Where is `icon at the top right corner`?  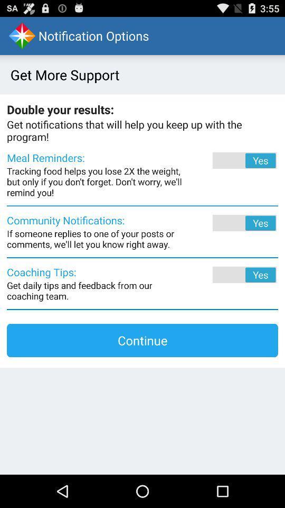 icon at the top right corner is located at coordinates (230, 160).